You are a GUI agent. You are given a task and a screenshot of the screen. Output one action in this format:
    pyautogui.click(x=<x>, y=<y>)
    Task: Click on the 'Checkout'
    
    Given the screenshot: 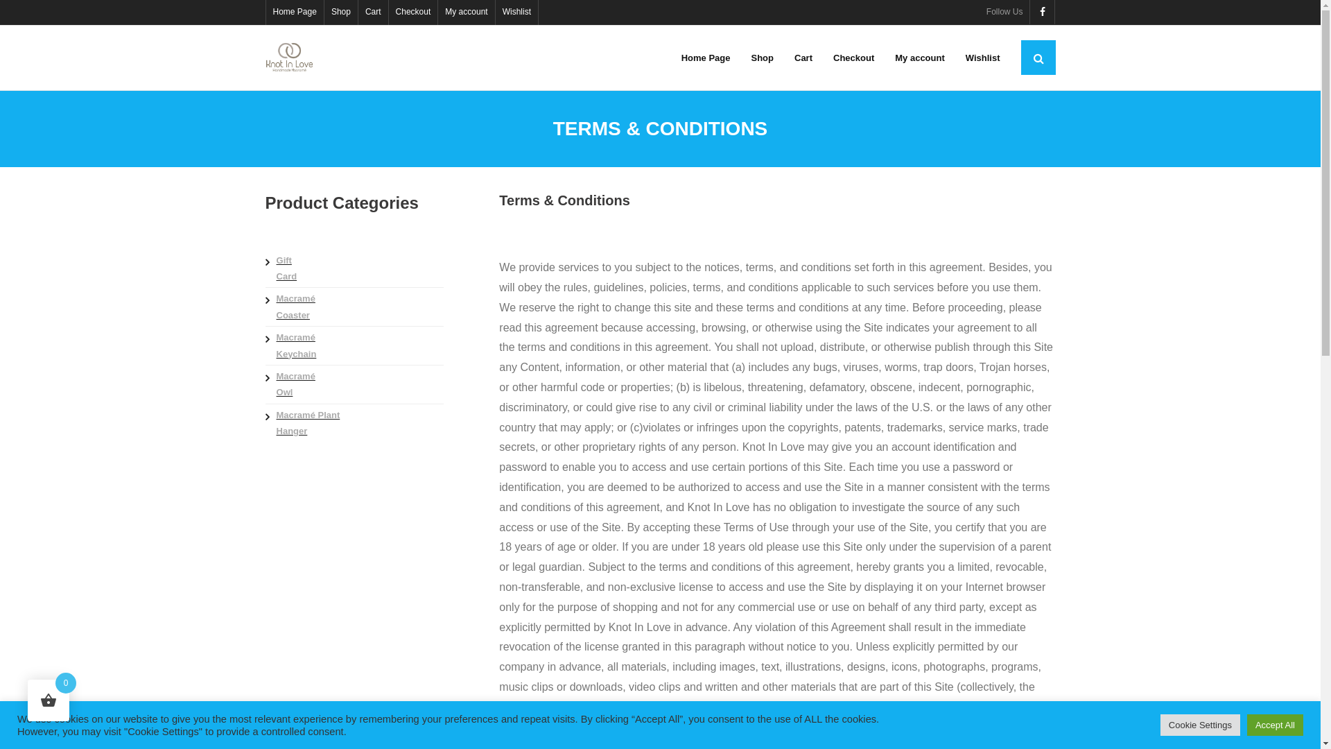 What is the action you would take?
    pyautogui.click(x=388, y=12)
    